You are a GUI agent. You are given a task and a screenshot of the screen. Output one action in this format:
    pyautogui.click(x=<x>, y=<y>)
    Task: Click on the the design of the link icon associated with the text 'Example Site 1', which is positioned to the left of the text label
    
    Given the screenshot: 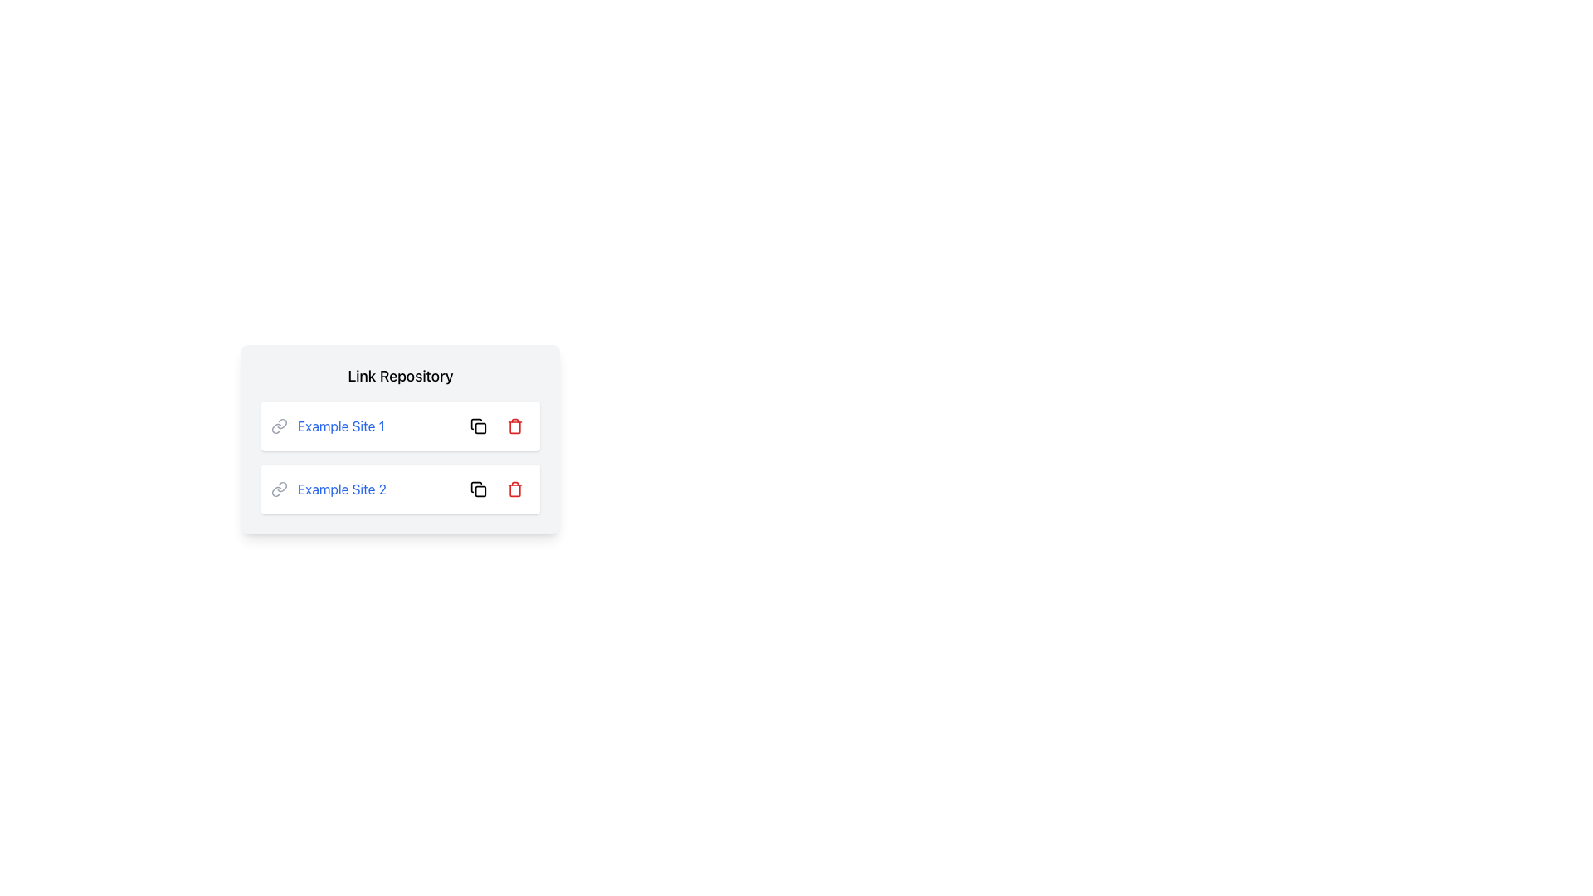 What is the action you would take?
    pyautogui.click(x=279, y=425)
    